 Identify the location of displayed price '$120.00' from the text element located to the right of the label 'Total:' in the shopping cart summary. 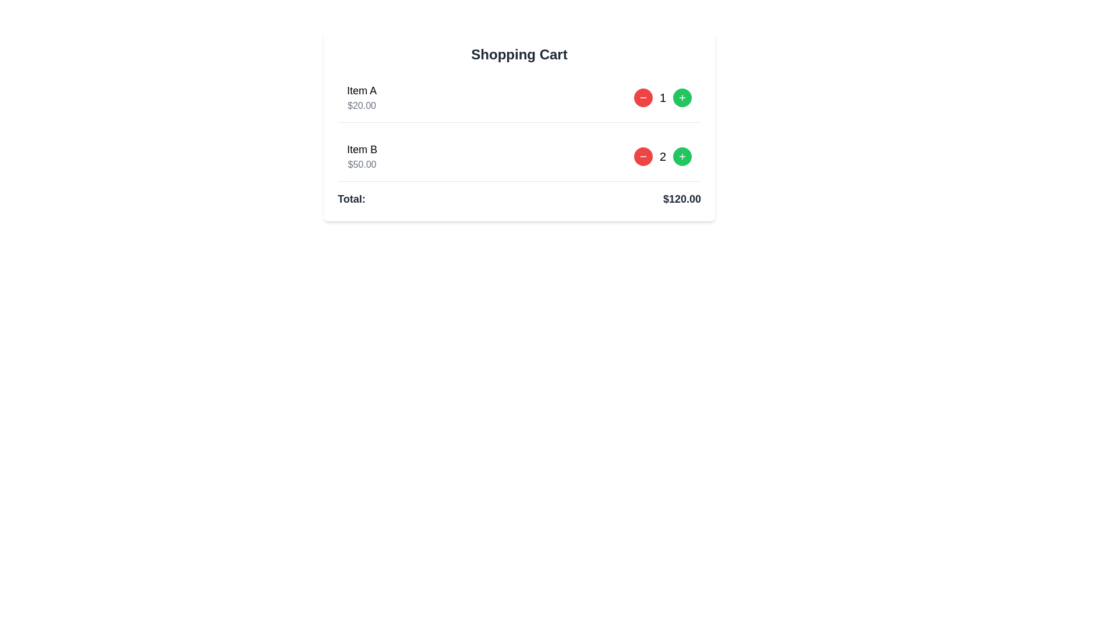
(682, 199).